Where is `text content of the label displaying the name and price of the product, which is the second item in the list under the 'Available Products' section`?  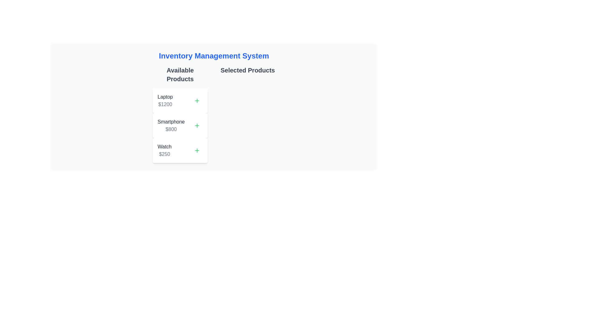 text content of the label displaying the name and price of the product, which is the second item in the list under the 'Available Products' section is located at coordinates (171, 126).